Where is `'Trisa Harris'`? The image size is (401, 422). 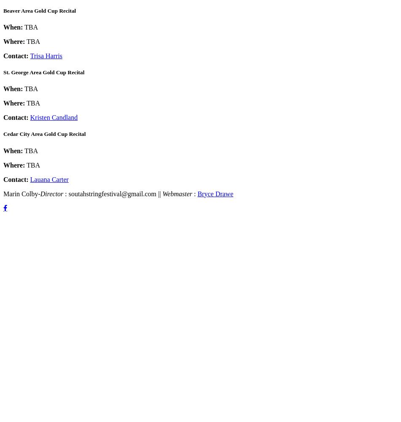 'Trisa Harris' is located at coordinates (46, 55).